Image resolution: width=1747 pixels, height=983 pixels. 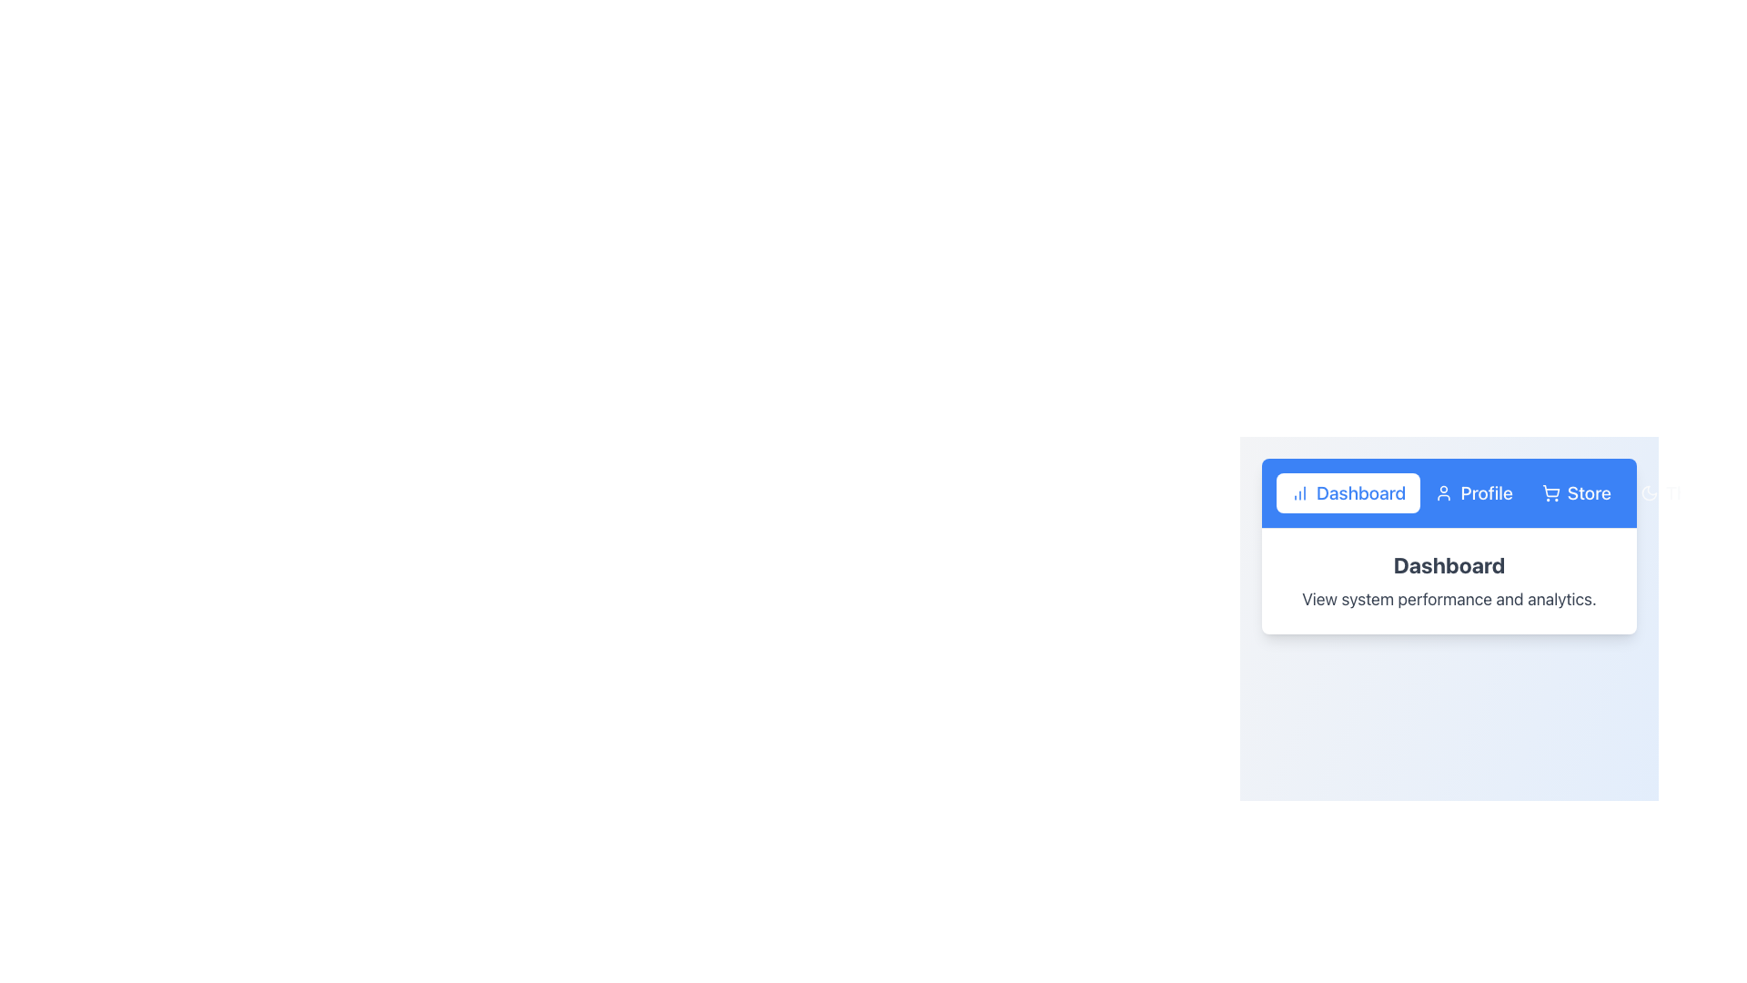 What do you see at coordinates (1299, 493) in the screenshot?
I see `the blue rectangular button containing the column chart icon, located to the left of the 'Dashboard' text` at bounding box center [1299, 493].